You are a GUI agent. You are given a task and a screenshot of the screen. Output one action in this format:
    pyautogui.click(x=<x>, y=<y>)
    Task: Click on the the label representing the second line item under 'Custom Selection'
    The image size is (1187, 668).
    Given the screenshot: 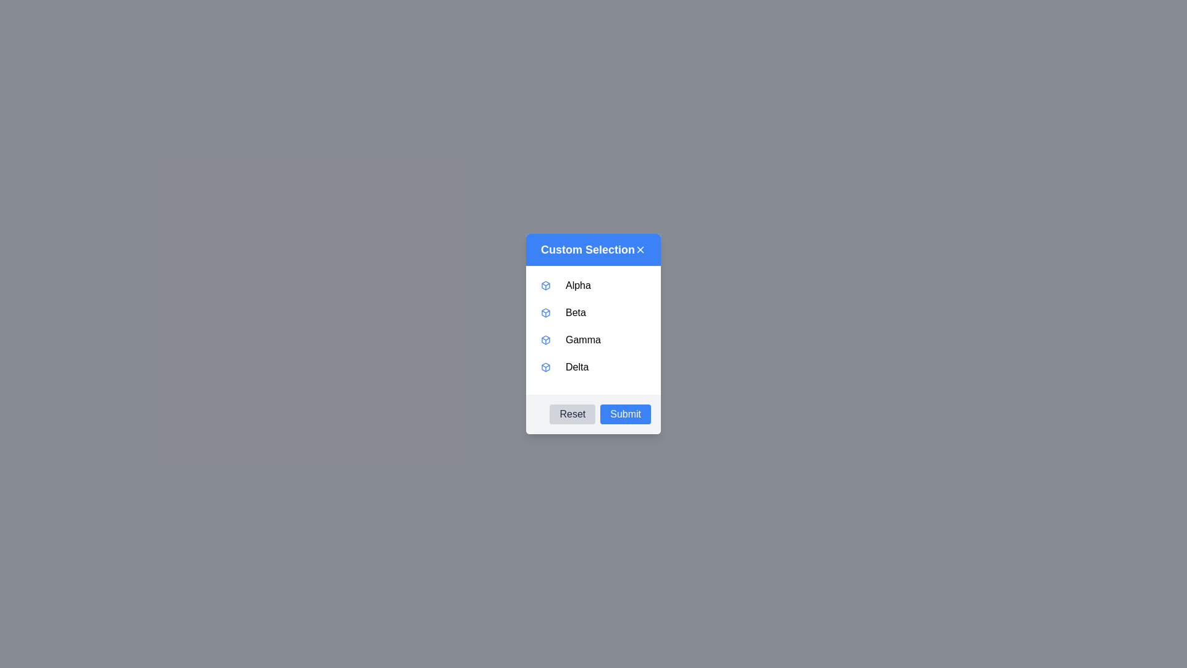 What is the action you would take?
    pyautogui.click(x=575, y=312)
    